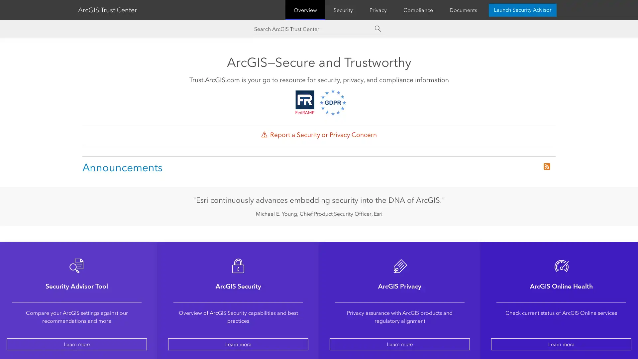  Describe the element at coordinates (286, 9) in the screenshot. I see `About` at that location.